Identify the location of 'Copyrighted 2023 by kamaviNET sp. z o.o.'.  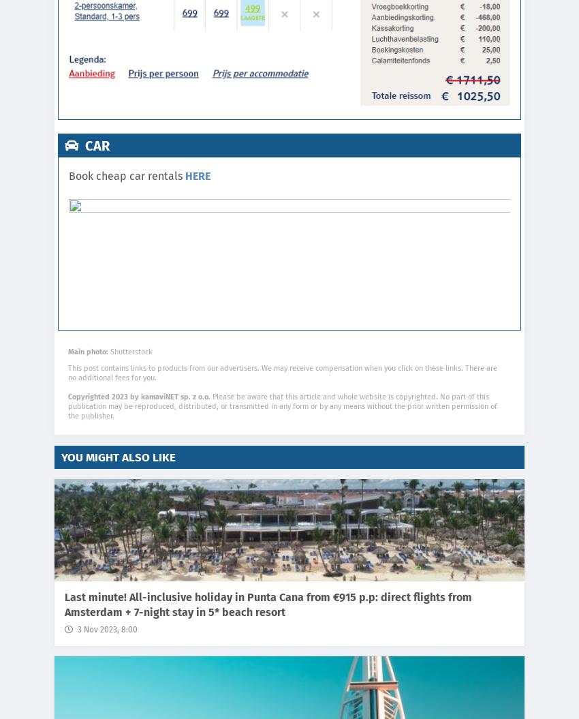
(138, 396).